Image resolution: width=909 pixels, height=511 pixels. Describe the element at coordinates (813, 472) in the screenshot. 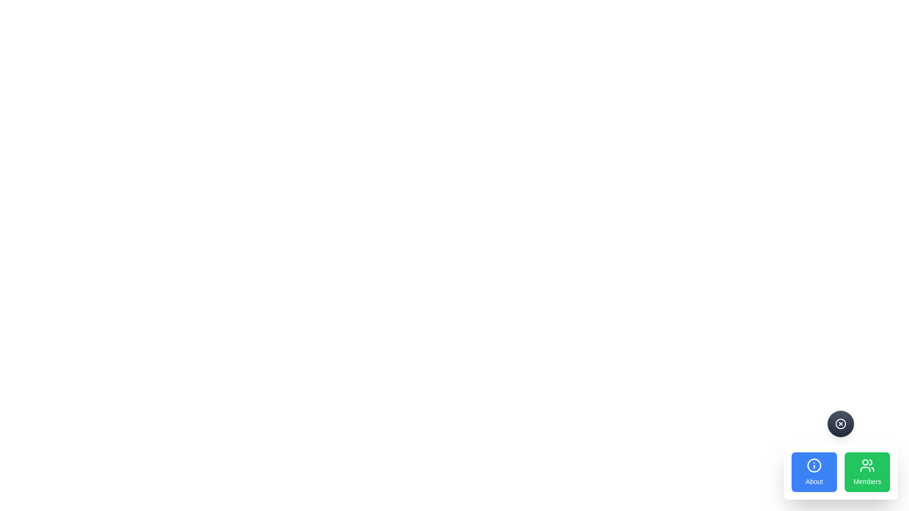

I see `the button located in the bottom-right quadrant of the interface, which provides general information about a specific topic` at that location.